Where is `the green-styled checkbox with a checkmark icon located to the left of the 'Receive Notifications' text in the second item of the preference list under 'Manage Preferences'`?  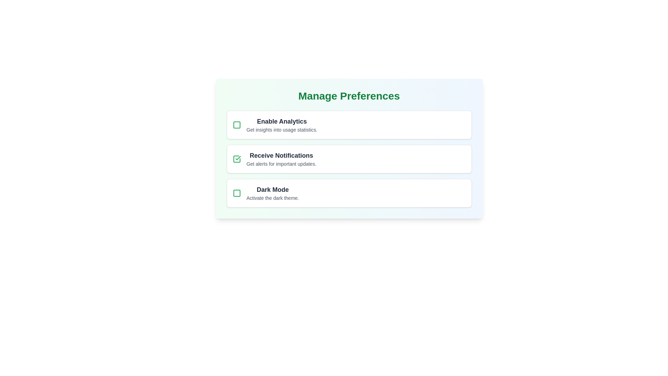 the green-styled checkbox with a checkmark icon located to the left of the 'Receive Notifications' text in the second item of the preference list under 'Manage Preferences' is located at coordinates (237, 159).